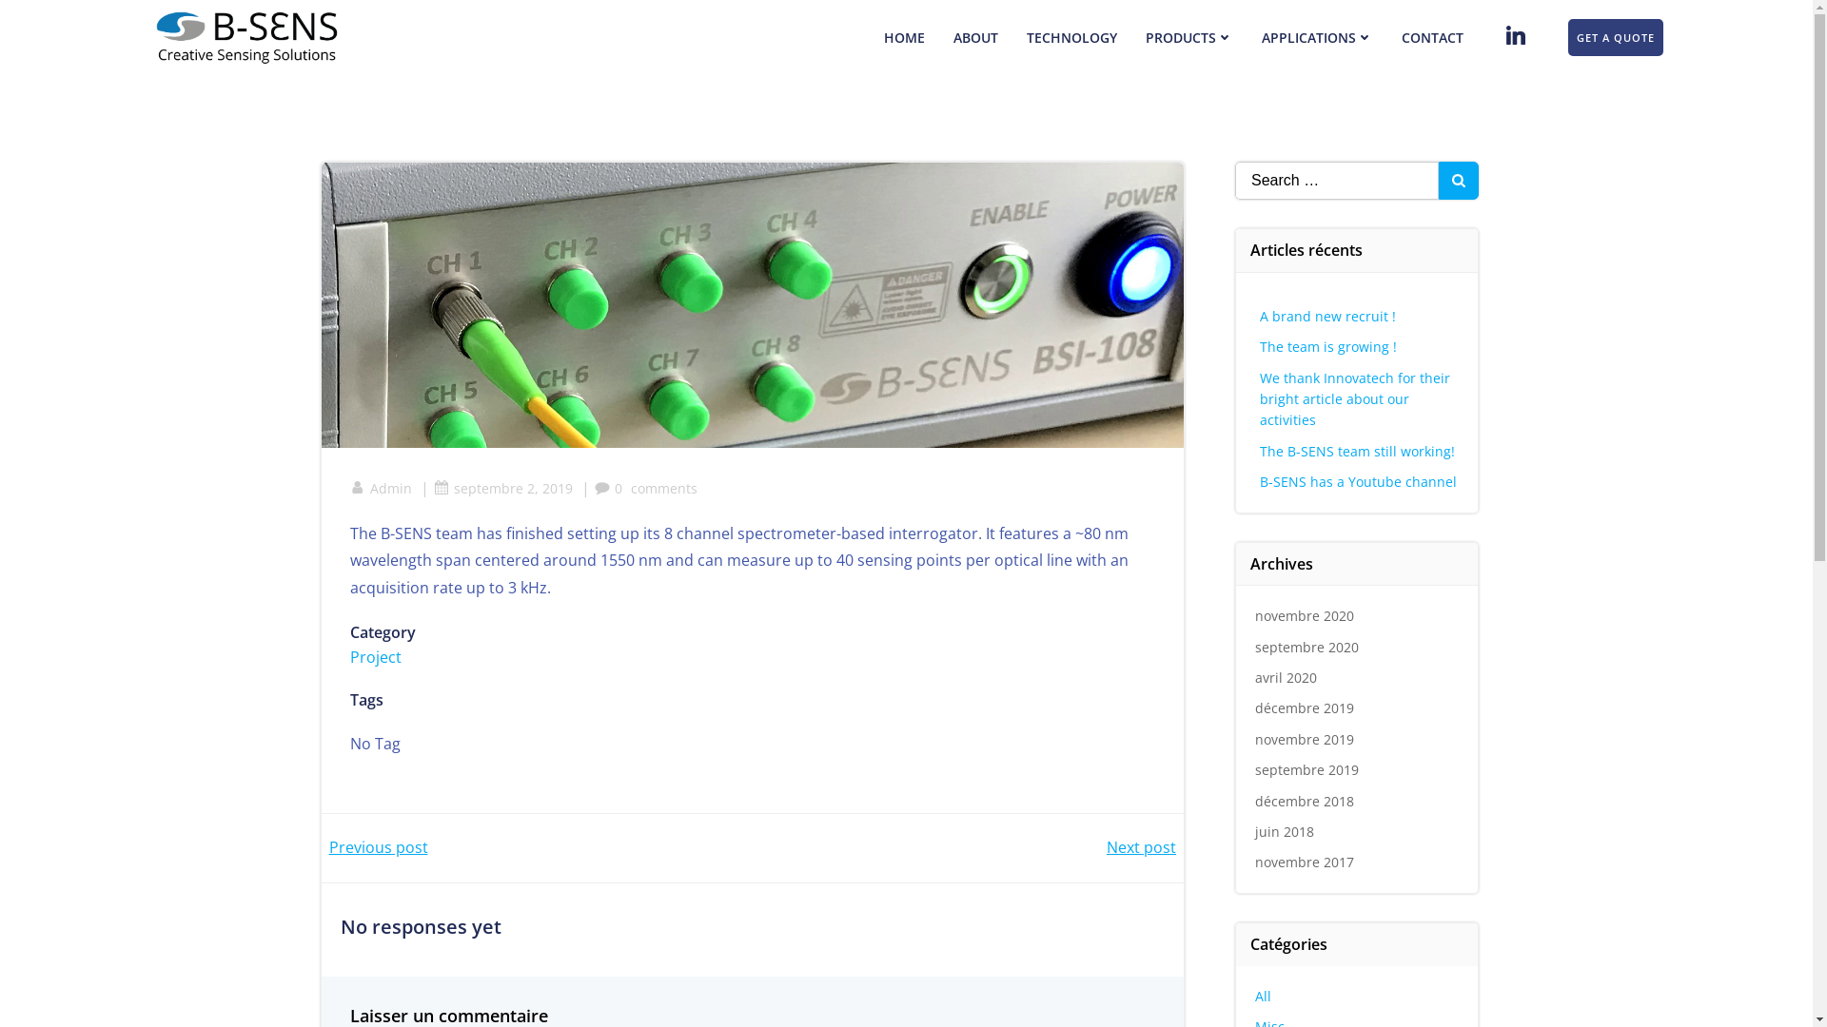  I want to click on 'The team is growing !', so click(1327, 346).